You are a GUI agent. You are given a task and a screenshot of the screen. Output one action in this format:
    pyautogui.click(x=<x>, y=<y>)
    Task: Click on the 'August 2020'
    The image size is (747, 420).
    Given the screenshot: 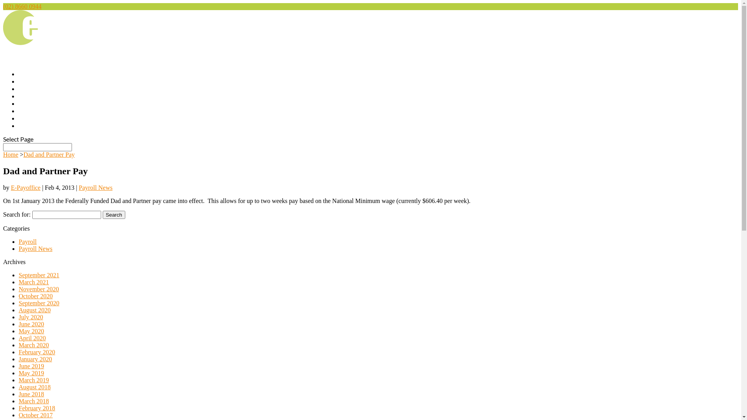 What is the action you would take?
    pyautogui.click(x=34, y=310)
    